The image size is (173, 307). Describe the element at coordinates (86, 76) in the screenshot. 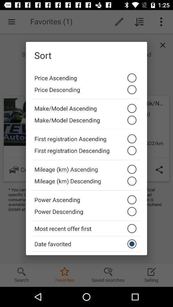

I see `the icon above the price descending item` at that location.